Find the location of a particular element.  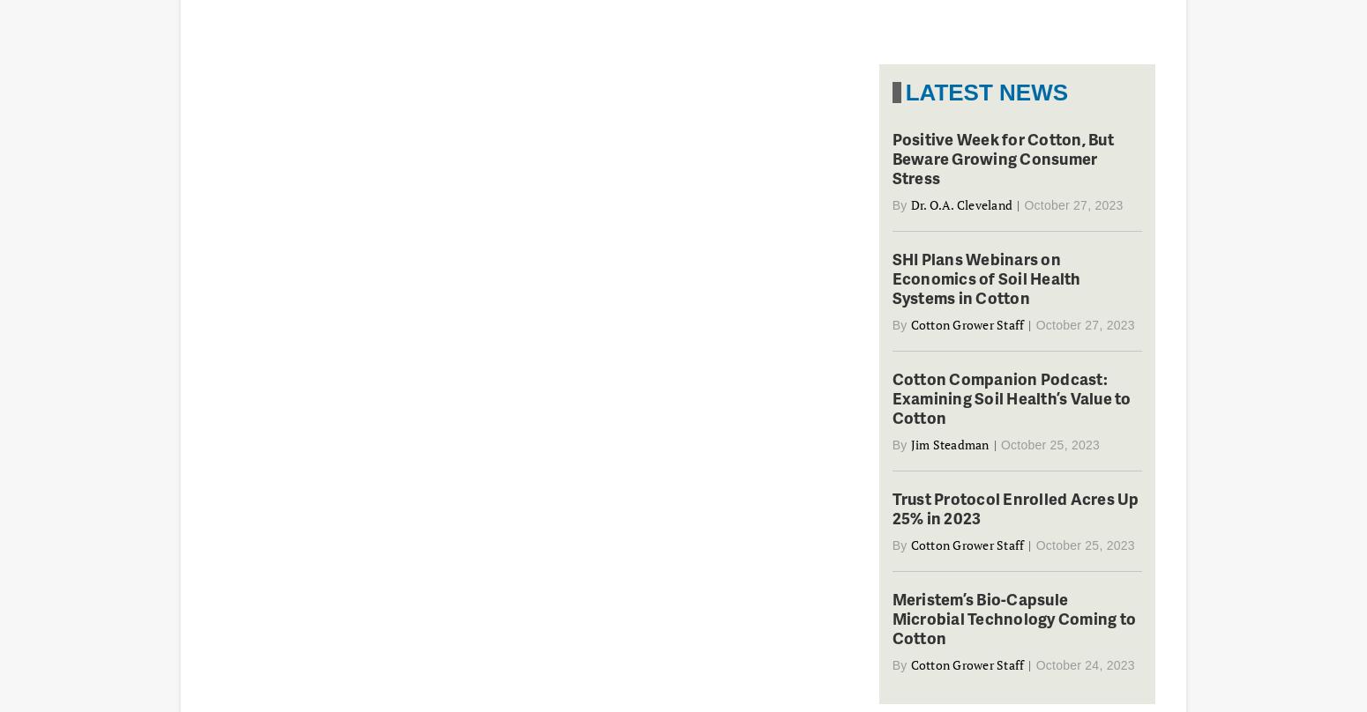

'Meristem’s Bio-Capsule Microbial Technology Coming to Cotton' is located at coordinates (1012, 618).